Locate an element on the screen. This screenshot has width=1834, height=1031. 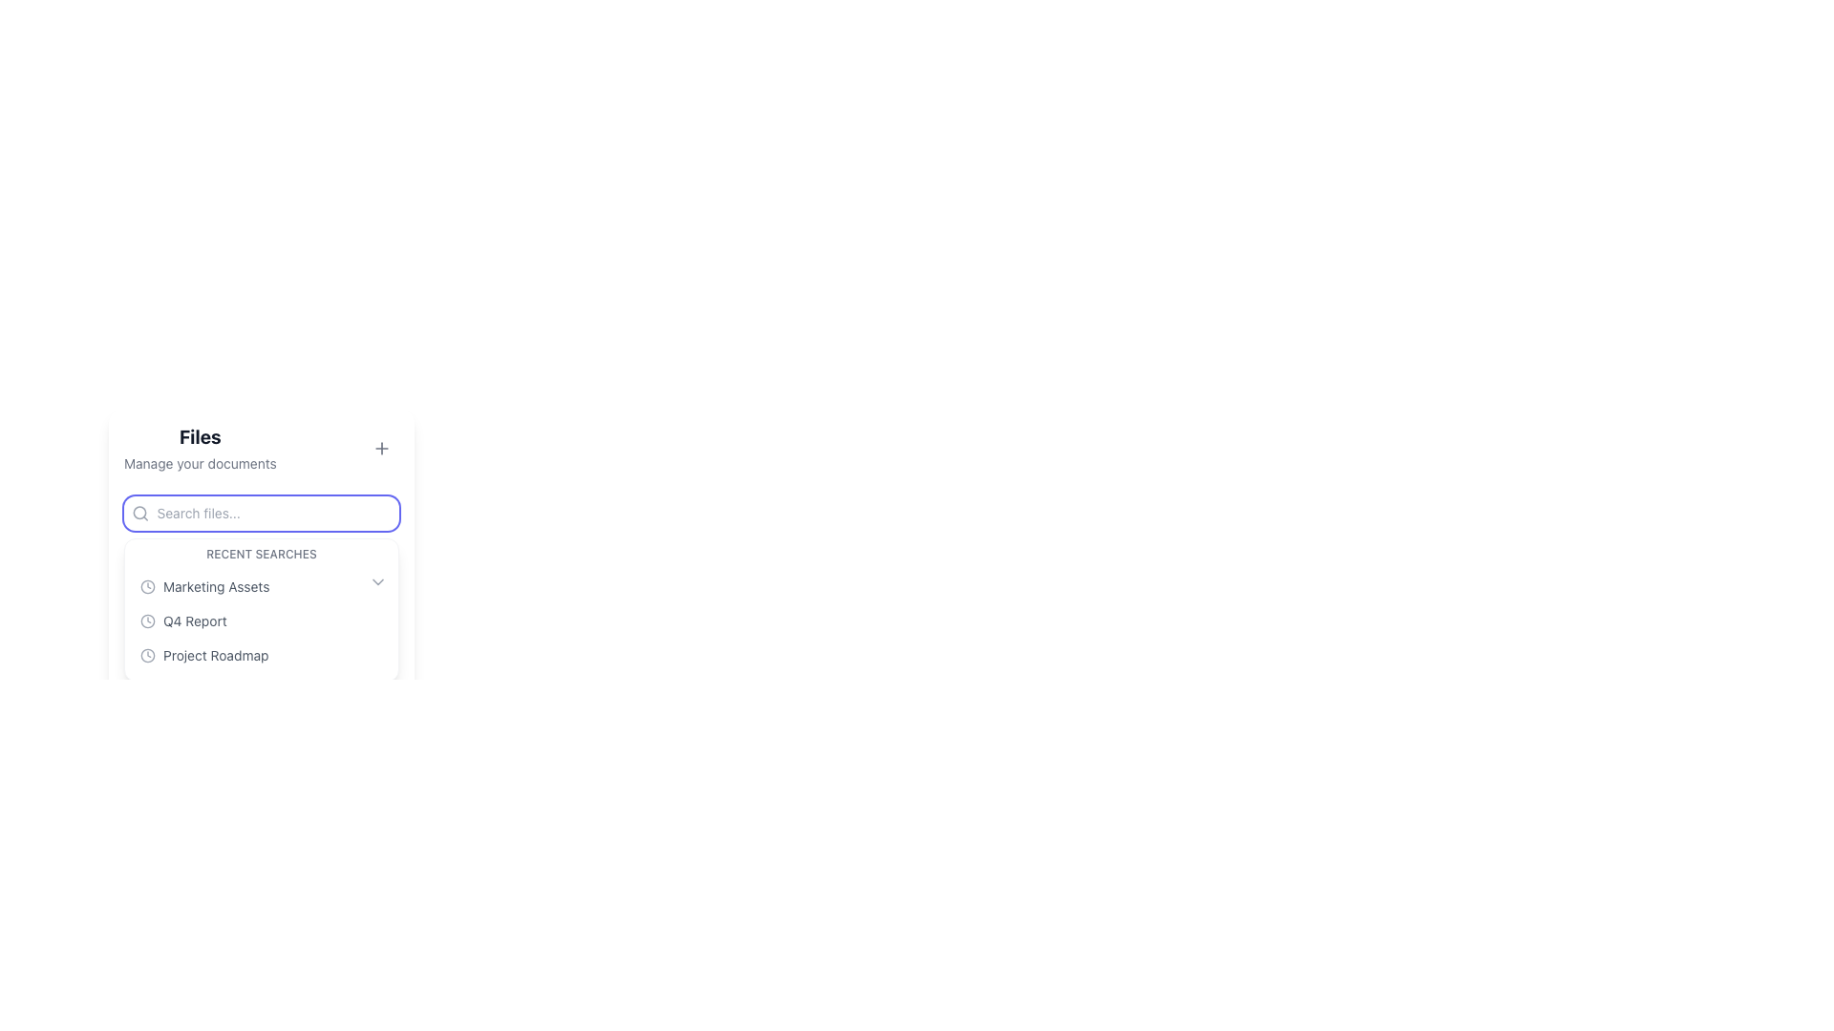
the composite label element displaying 'Documents' and '43 items' is located at coordinates (251, 580).